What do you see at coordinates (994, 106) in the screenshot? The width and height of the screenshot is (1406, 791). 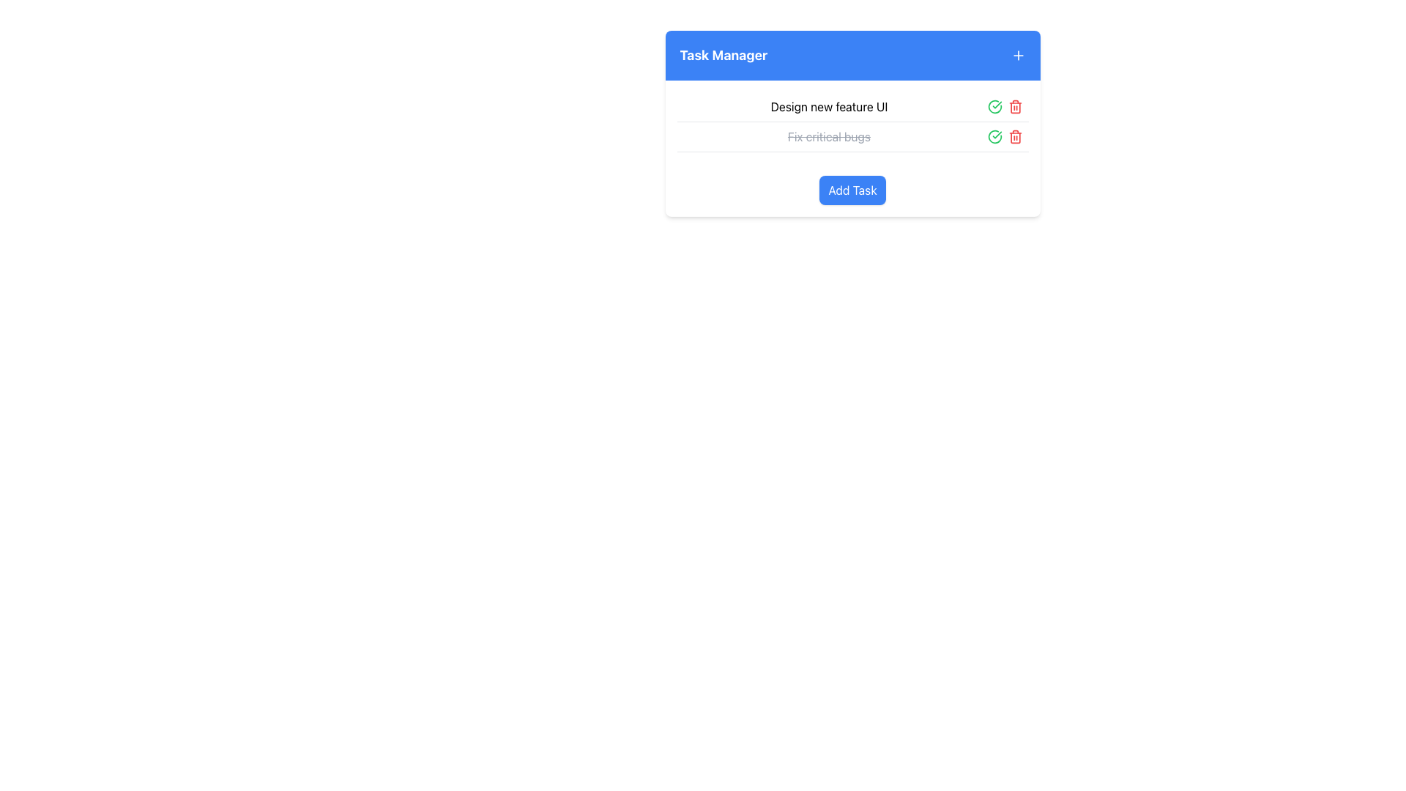 I see `the green circular button with a checkmark symbol next to the task text 'Fix critical bugs' to mark the task as completed` at bounding box center [994, 106].